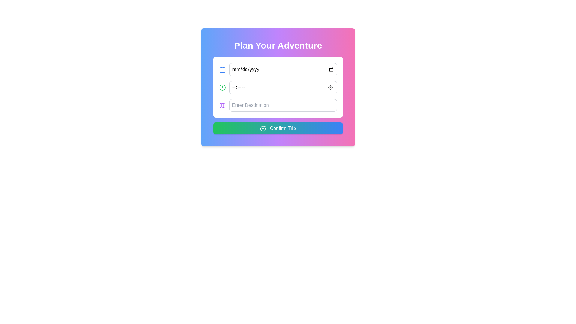  What do you see at coordinates (222, 105) in the screenshot?
I see `the purple map icon, which is the first item in a horizontal group of elements, located to the left of the text input labeled 'Enter Destination'` at bounding box center [222, 105].